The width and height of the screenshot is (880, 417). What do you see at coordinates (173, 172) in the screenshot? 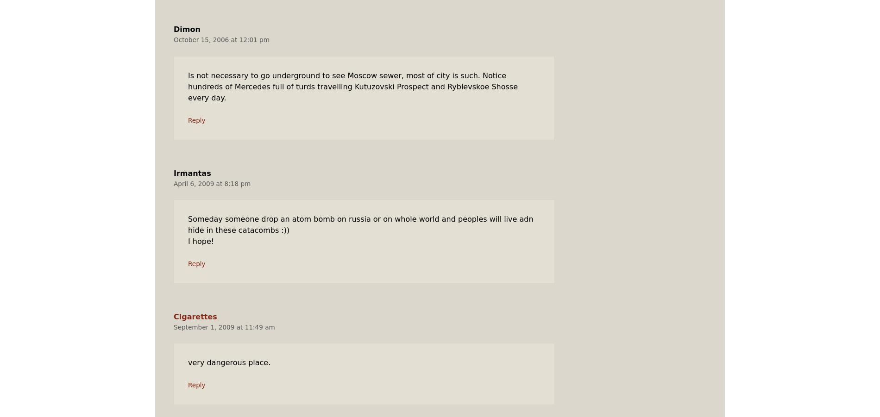
I see `'Irmantas'` at bounding box center [173, 172].